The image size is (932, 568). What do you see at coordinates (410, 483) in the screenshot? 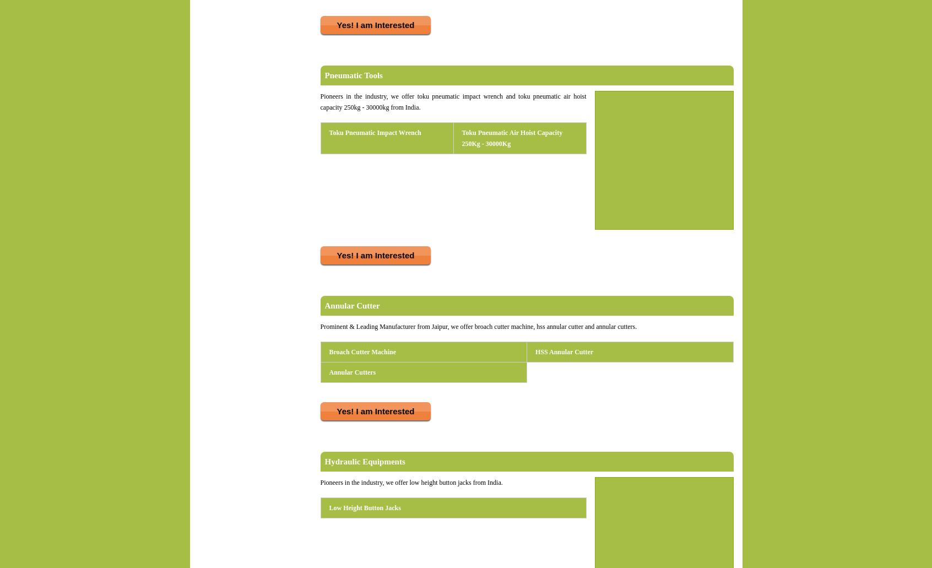
I see `'Pioneers in the industry, we offer low height button jacks from India.'` at bounding box center [410, 483].